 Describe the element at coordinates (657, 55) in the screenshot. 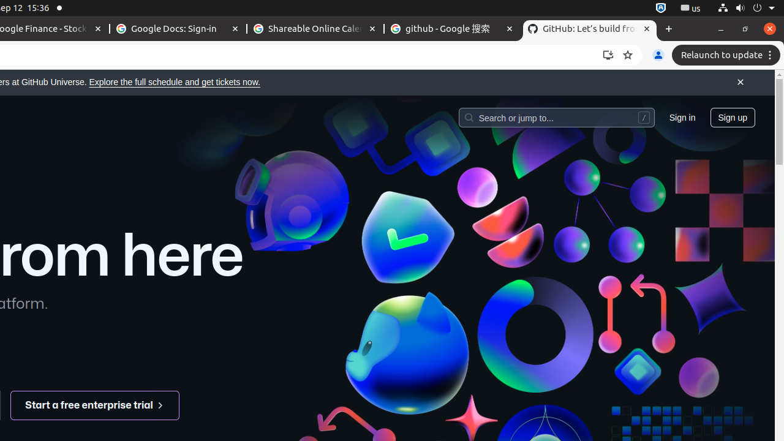

I see `'You'` at that location.